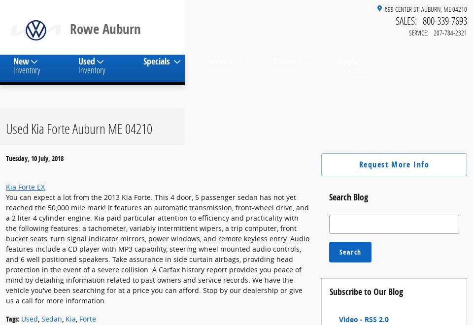 The image size is (473, 325). Describe the element at coordinates (5, 166) in the screenshot. I see `'Tuesday, 10 July, 2018'` at that location.